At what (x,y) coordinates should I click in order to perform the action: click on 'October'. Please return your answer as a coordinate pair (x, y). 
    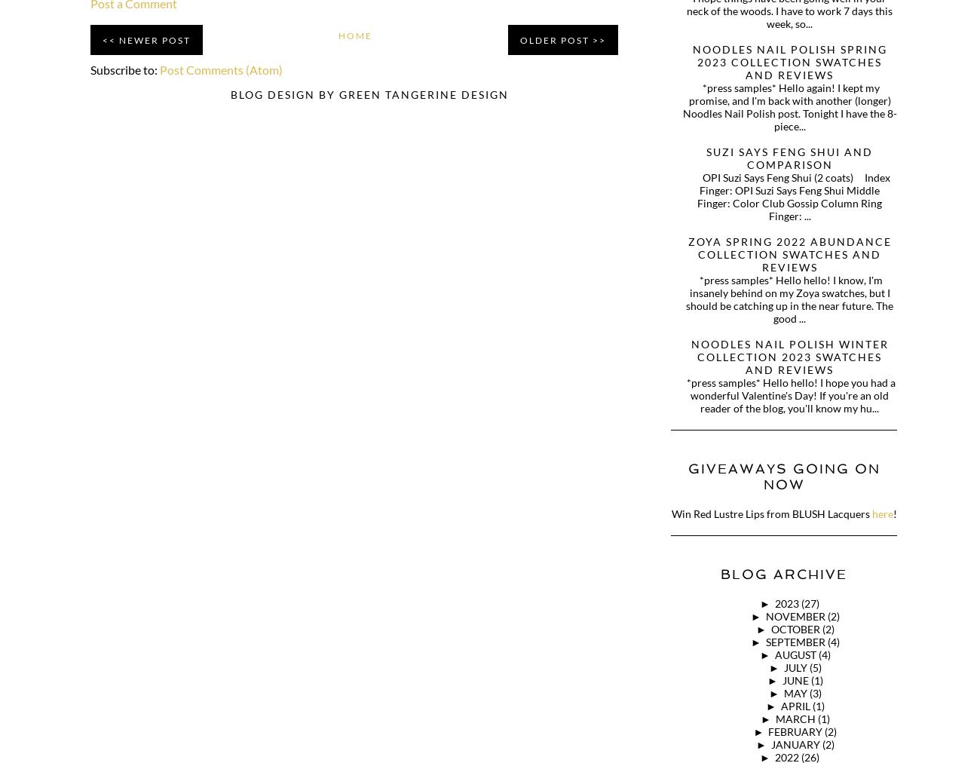
    Looking at the image, I should click on (770, 628).